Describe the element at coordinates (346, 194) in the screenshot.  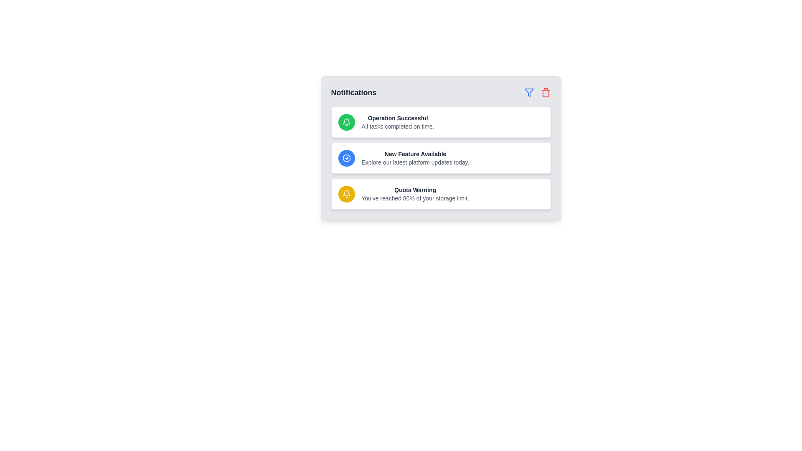
I see `the bell icon, which is located within a yellow circular background at the bottom of the notifications panel, above the text mentioning the quota warning` at that location.